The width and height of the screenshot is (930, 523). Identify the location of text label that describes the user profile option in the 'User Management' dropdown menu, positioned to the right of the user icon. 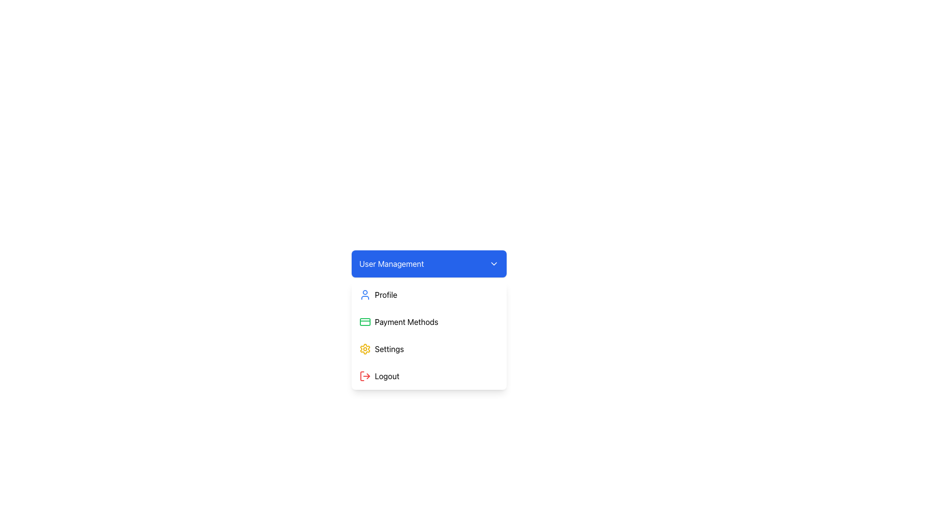
(386, 294).